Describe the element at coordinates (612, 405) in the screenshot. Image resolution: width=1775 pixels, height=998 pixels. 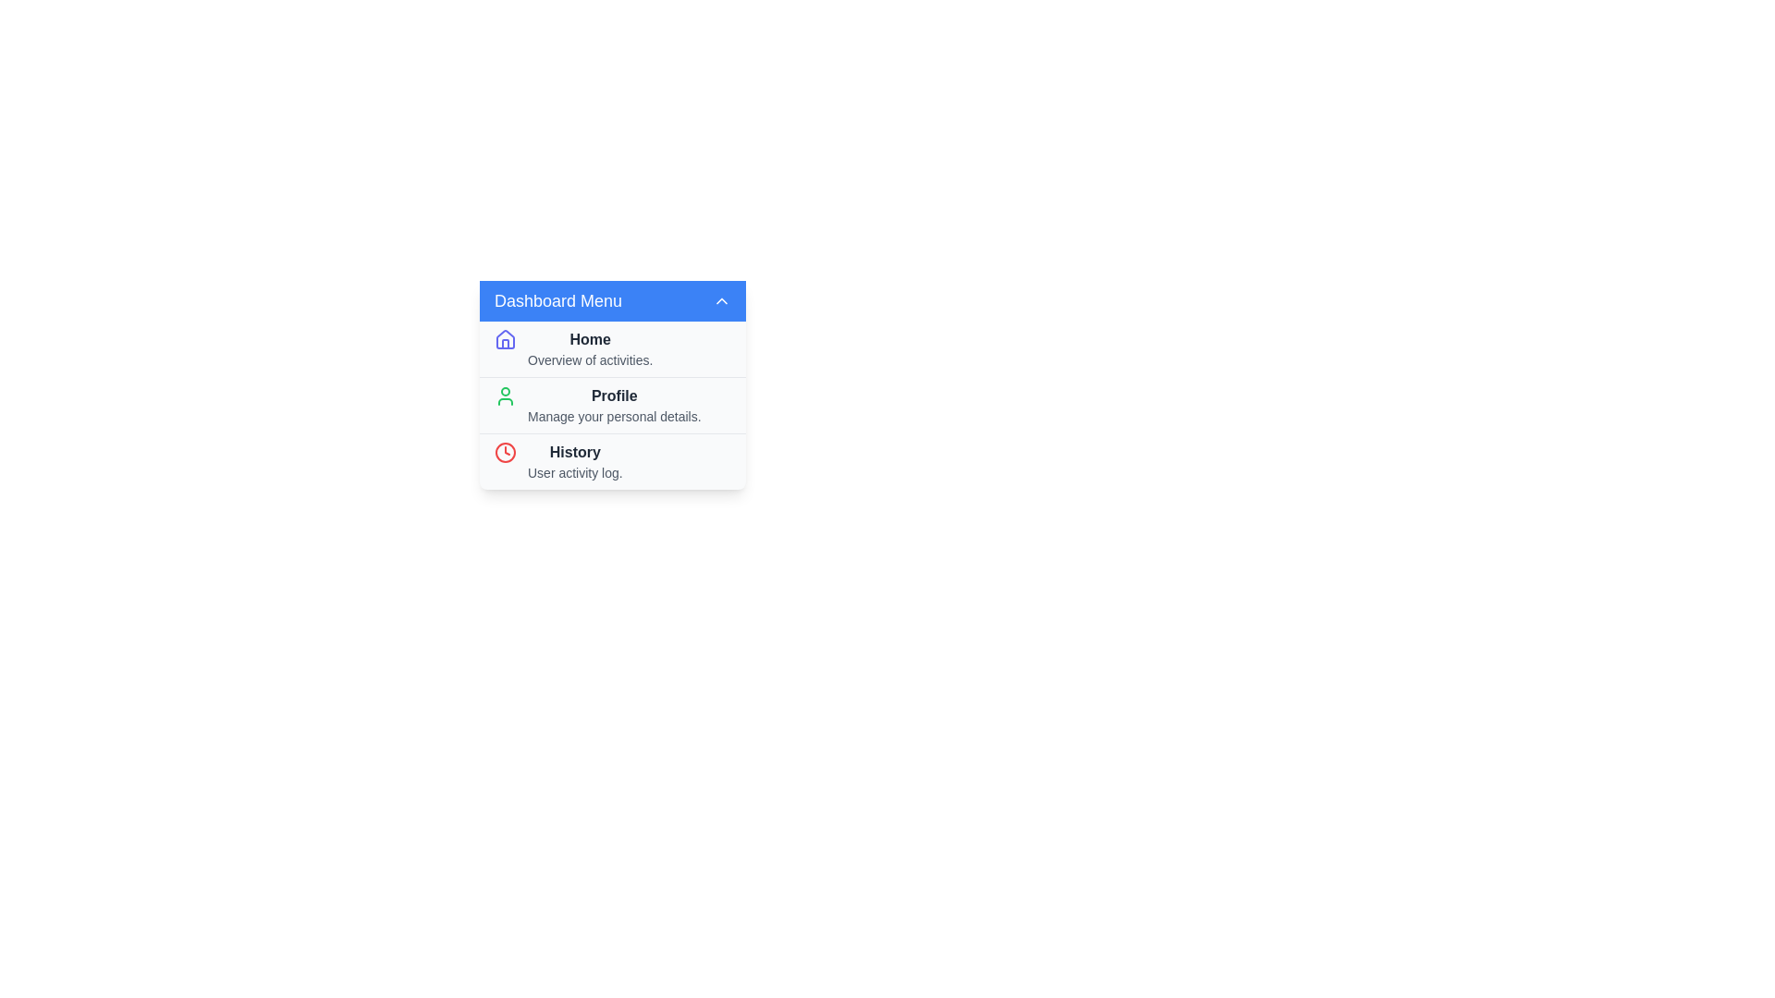
I see `the 'Profile' menu item` at that location.